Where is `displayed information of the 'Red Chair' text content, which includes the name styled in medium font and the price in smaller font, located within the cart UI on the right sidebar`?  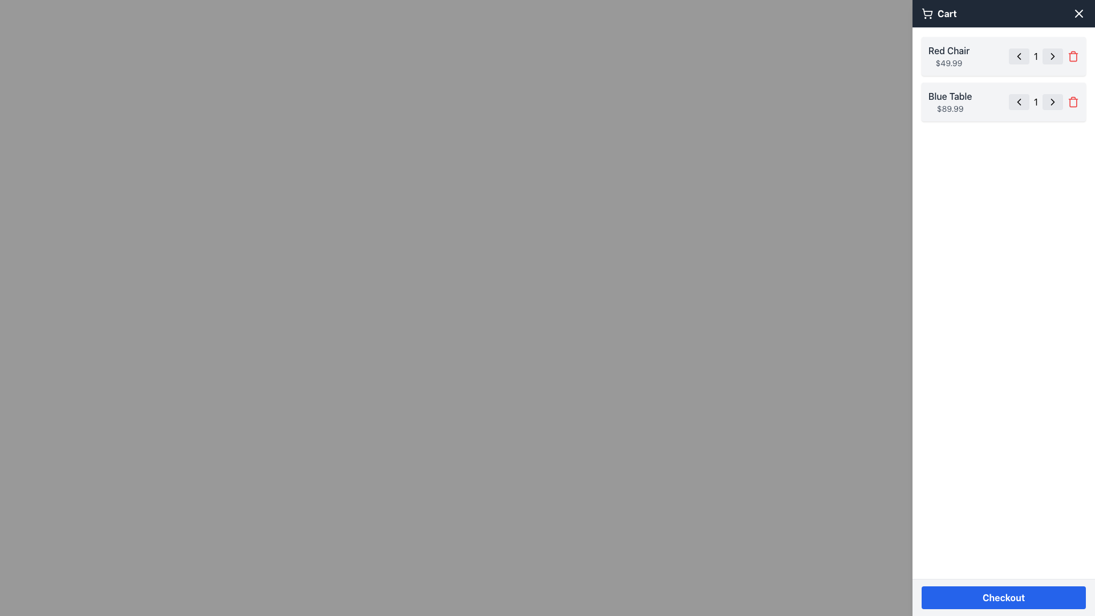 displayed information of the 'Red Chair' text content, which includes the name styled in medium font and the price in smaller font, located within the cart UI on the right sidebar is located at coordinates (949, 56).